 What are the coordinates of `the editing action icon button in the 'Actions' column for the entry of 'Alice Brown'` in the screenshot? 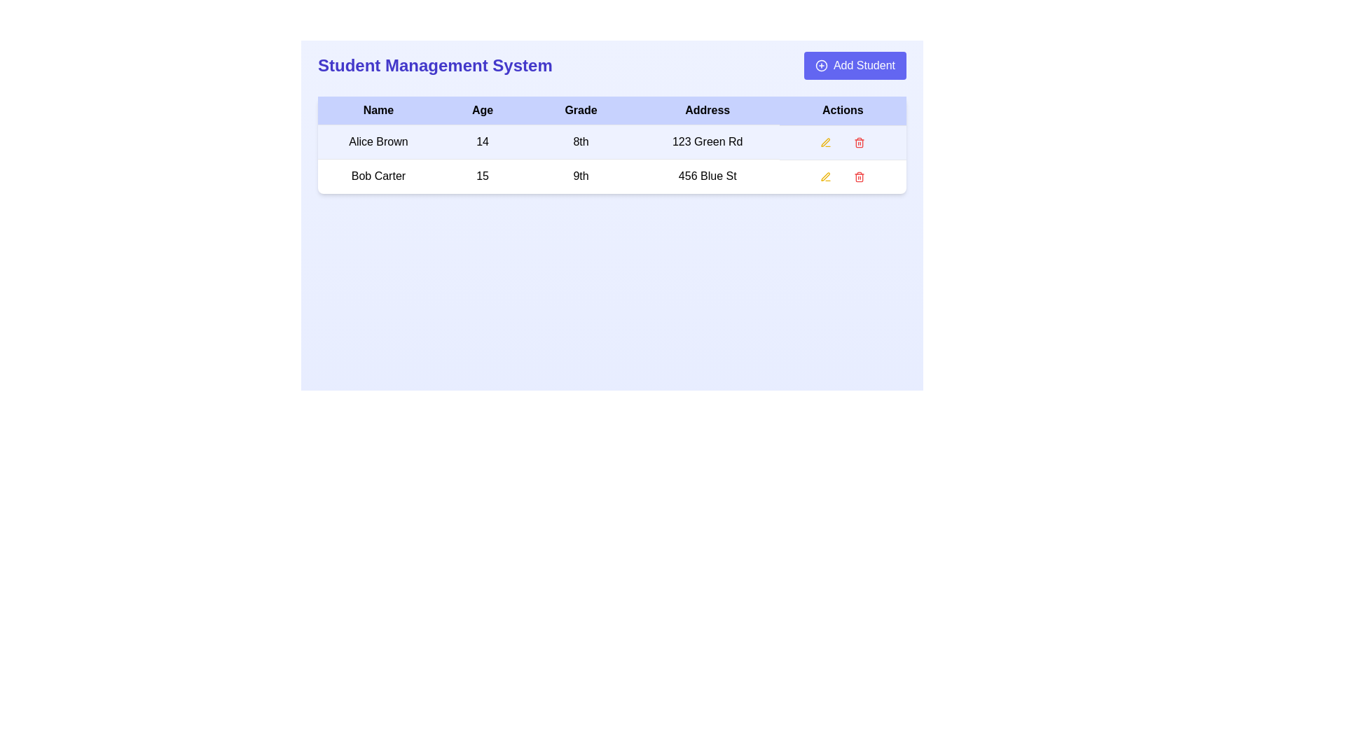 It's located at (826, 176).